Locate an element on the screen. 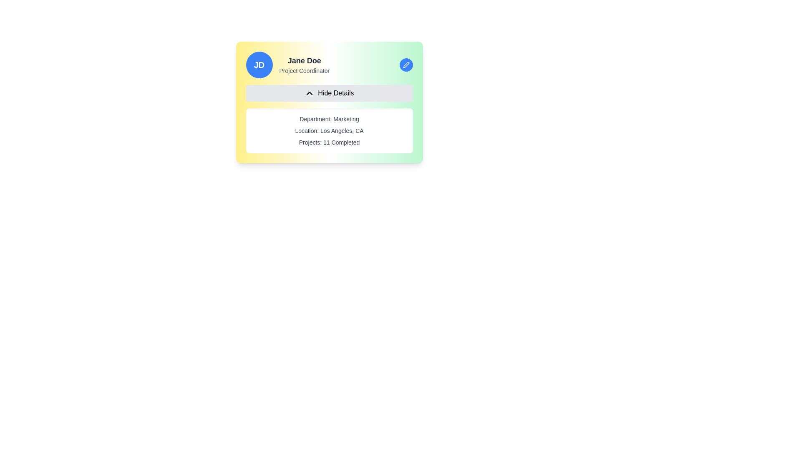  the toggle button located below 'Jane Doe, Project Coordinator' to experience hover effects is located at coordinates (329, 93).